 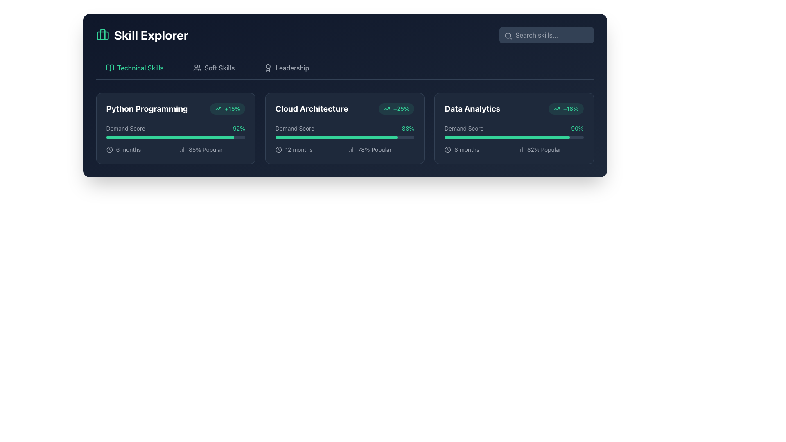 I want to click on the 'Leadership' button in the navigation bar to change its color from gray to emerald green, so click(x=287, y=67).